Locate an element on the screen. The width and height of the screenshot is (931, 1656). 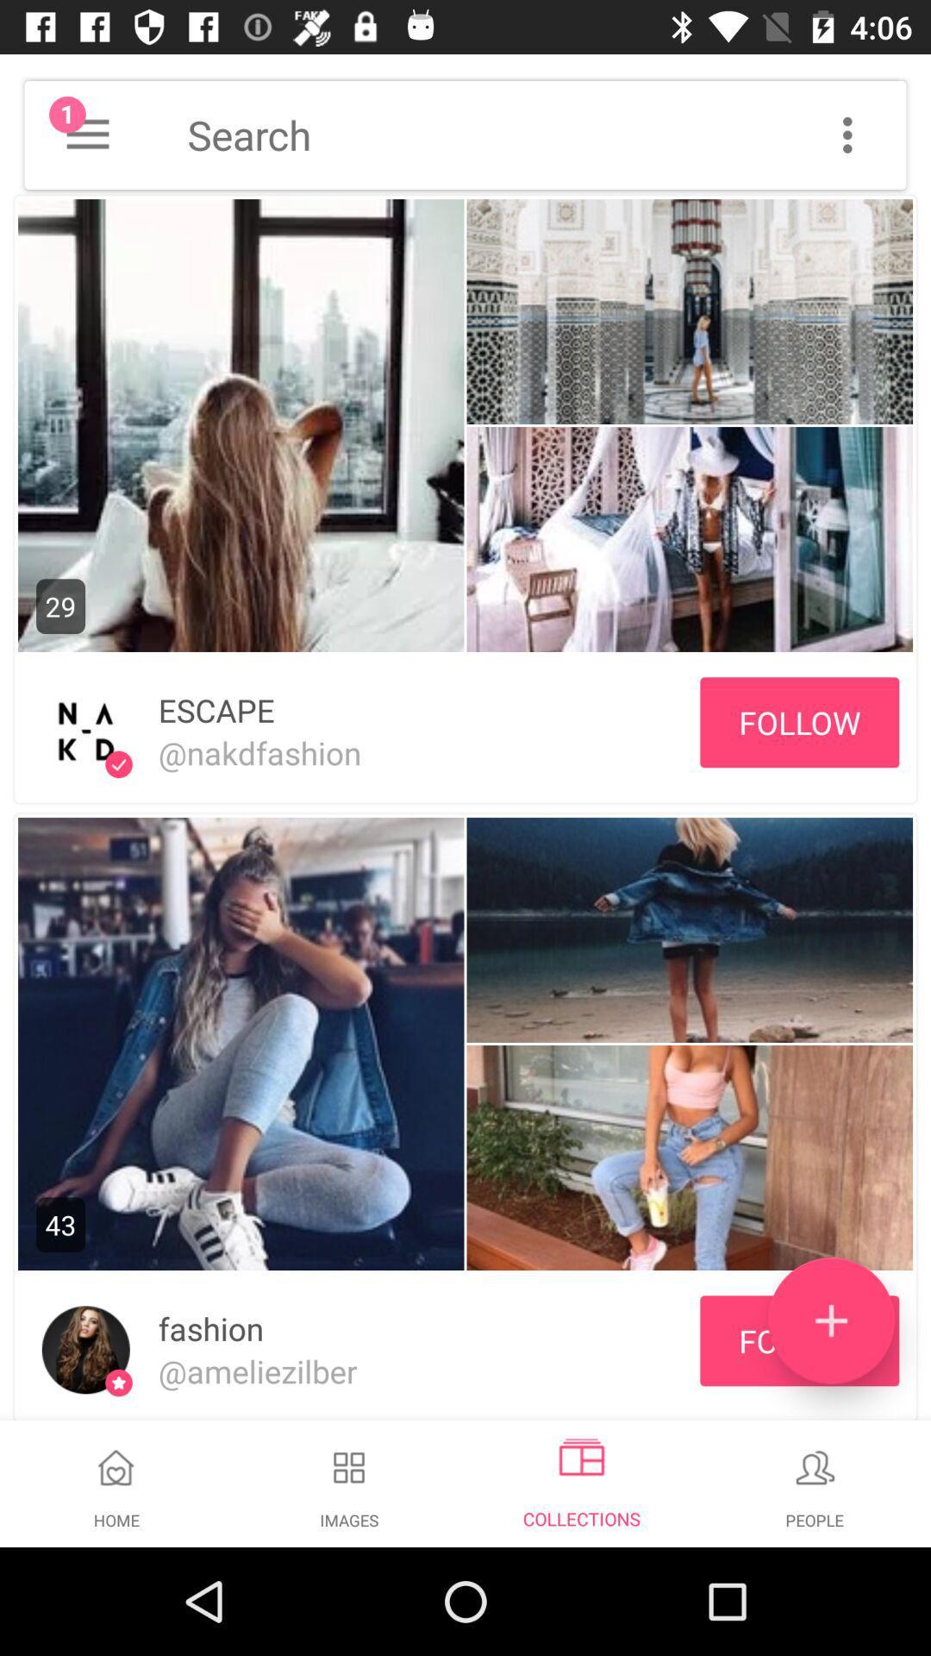
icon to the right of fashion item is located at coordinates (830, 1320).